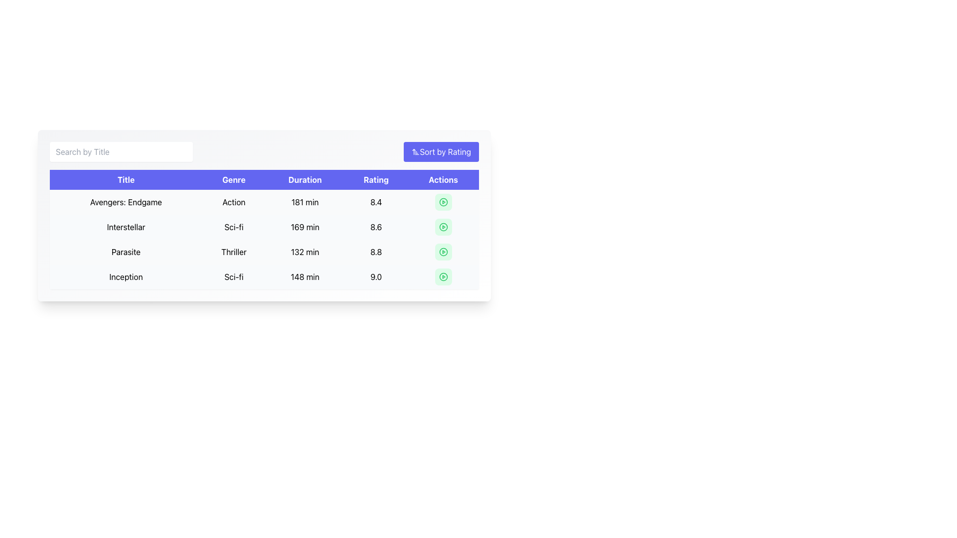 The image size is (957, 538). Describe the element at coordinates (443, 202) in the screenshot. I see `the circular play button with a green border and white background located in the 'Actions' column of the first row in a table` at that location.